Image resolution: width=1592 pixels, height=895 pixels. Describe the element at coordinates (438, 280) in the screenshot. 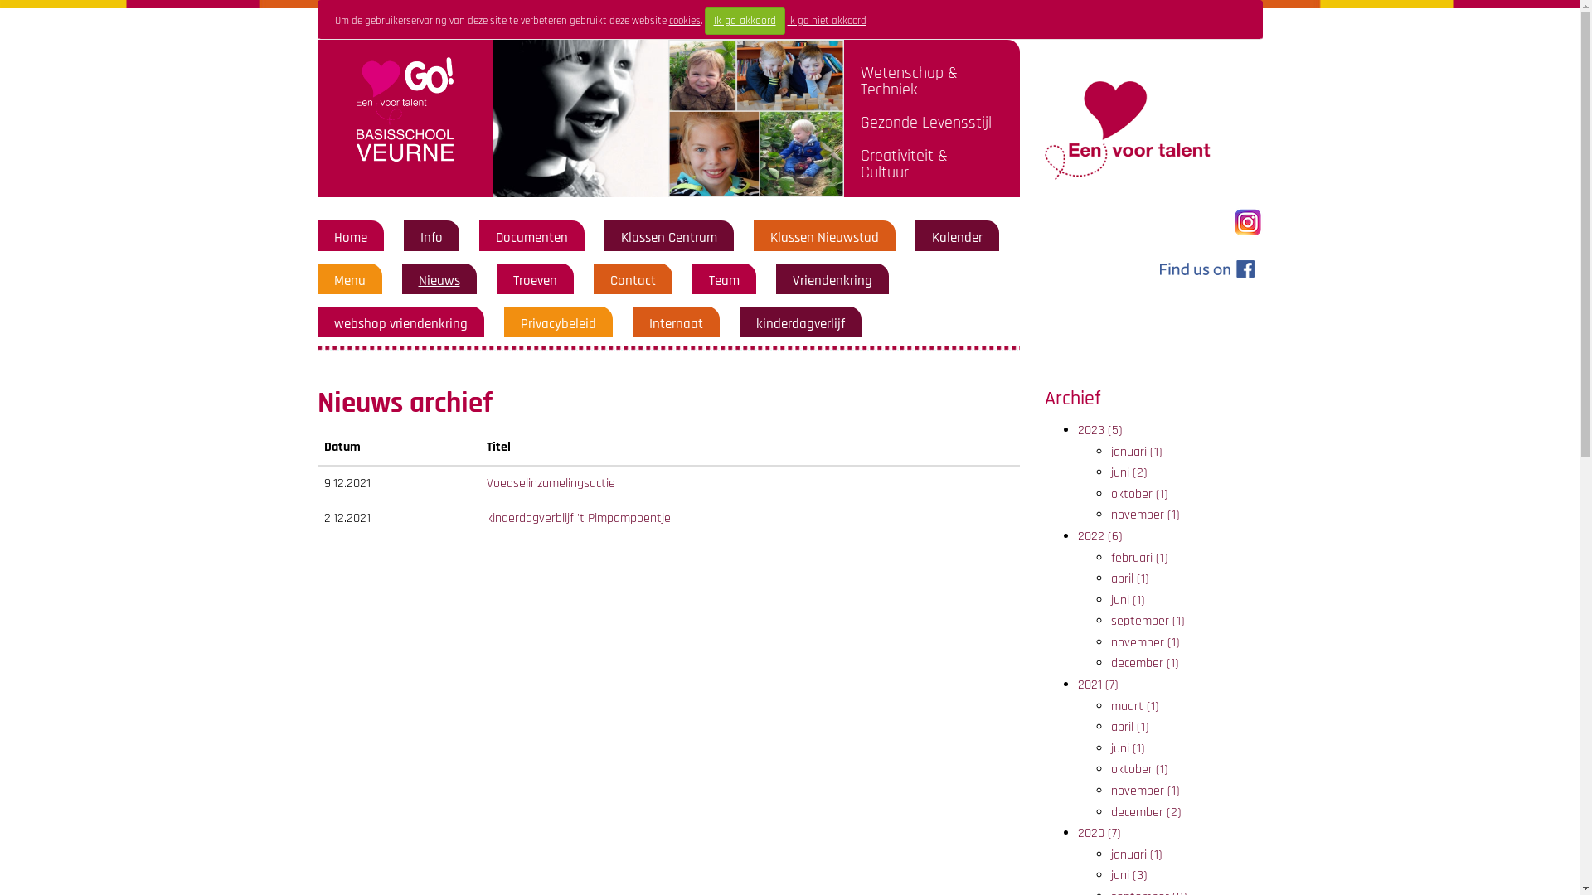

I see `'Nieuws'` at that location.